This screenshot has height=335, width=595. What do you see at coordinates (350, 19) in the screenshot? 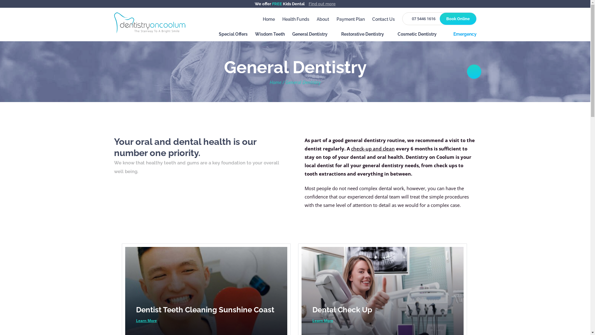
I see `'Payment Plan'` at bounding box center [350, 19].